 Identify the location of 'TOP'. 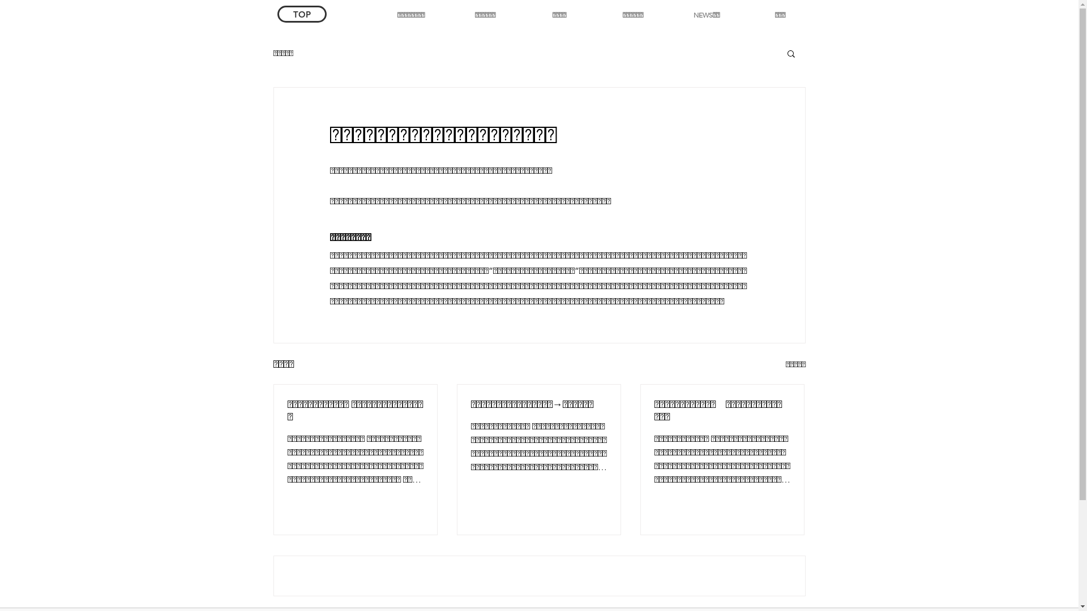
(302, 14).